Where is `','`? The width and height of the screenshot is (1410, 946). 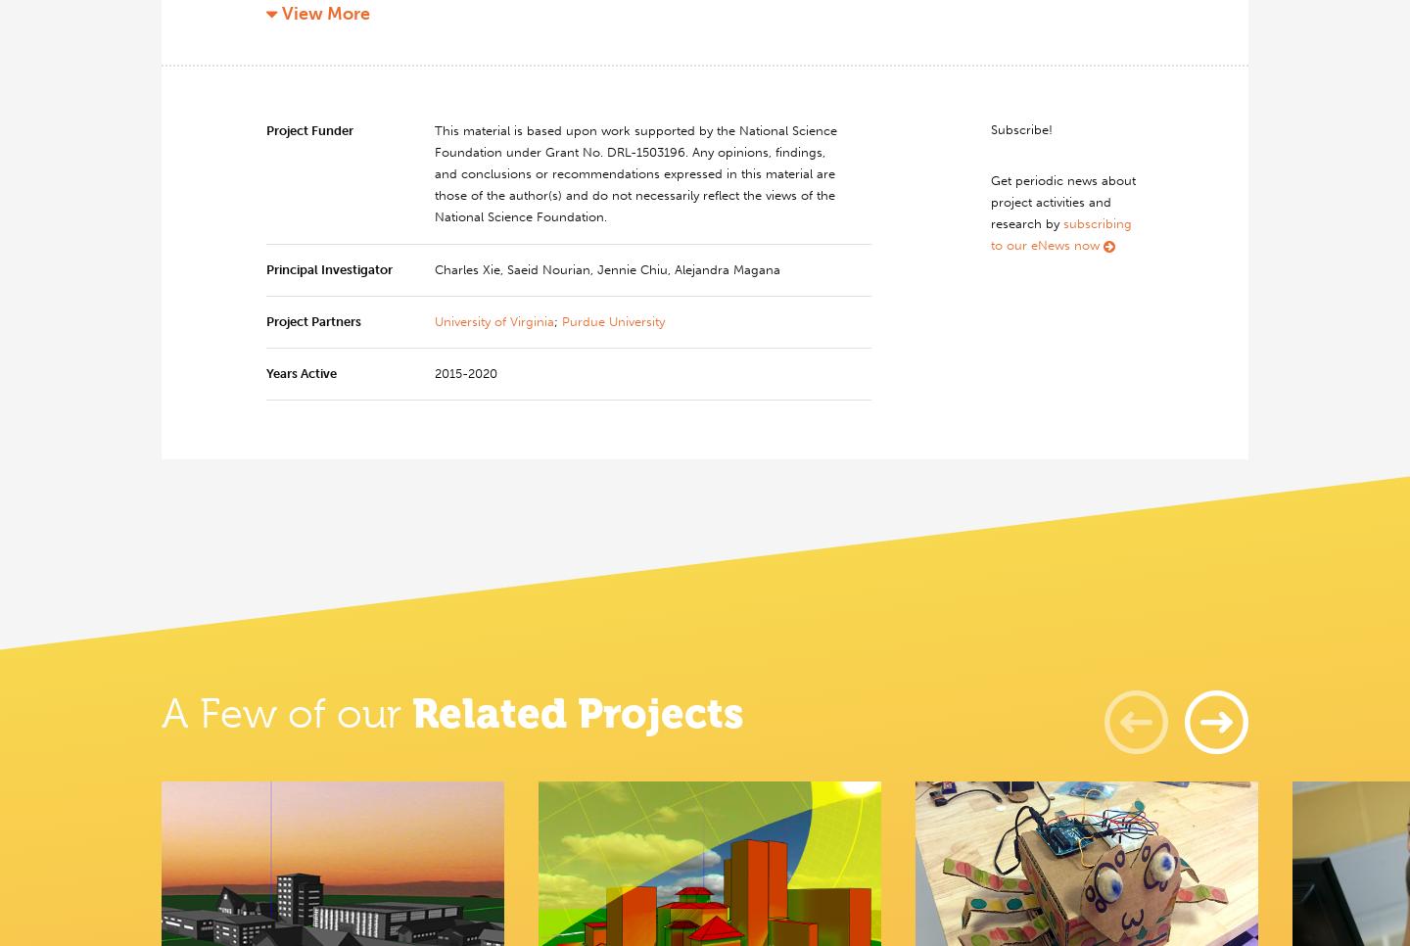
',' is located at coordinates (692, 36).